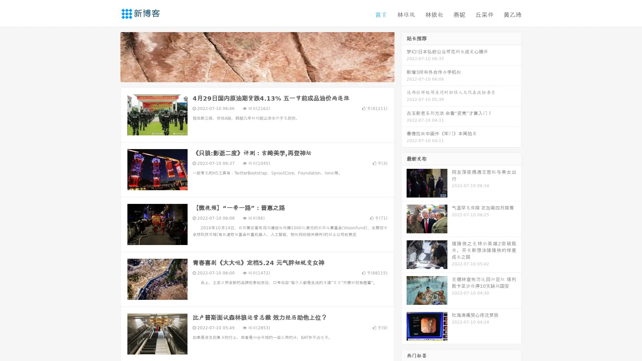 The height and width of the screenshot is (361, 642). Describe the element at coordinates (404, 56) in the screenshot. I see `Next slide` at that location.